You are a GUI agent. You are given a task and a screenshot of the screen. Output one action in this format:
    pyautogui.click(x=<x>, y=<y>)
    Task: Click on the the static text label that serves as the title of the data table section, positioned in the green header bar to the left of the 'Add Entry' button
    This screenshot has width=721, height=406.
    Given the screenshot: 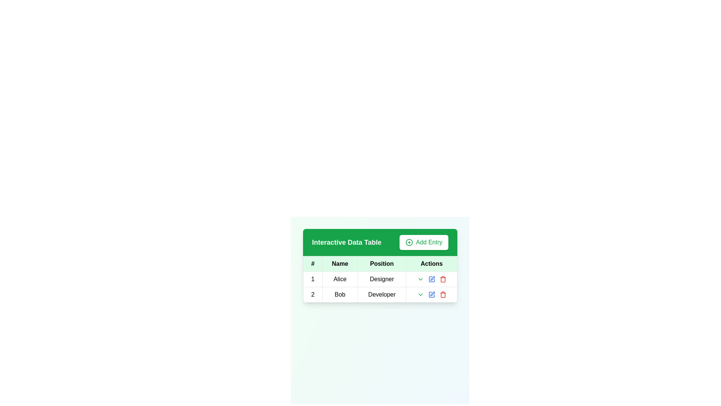 What is the action you would take?
    pyautogui.click(x=346, y=242)
    